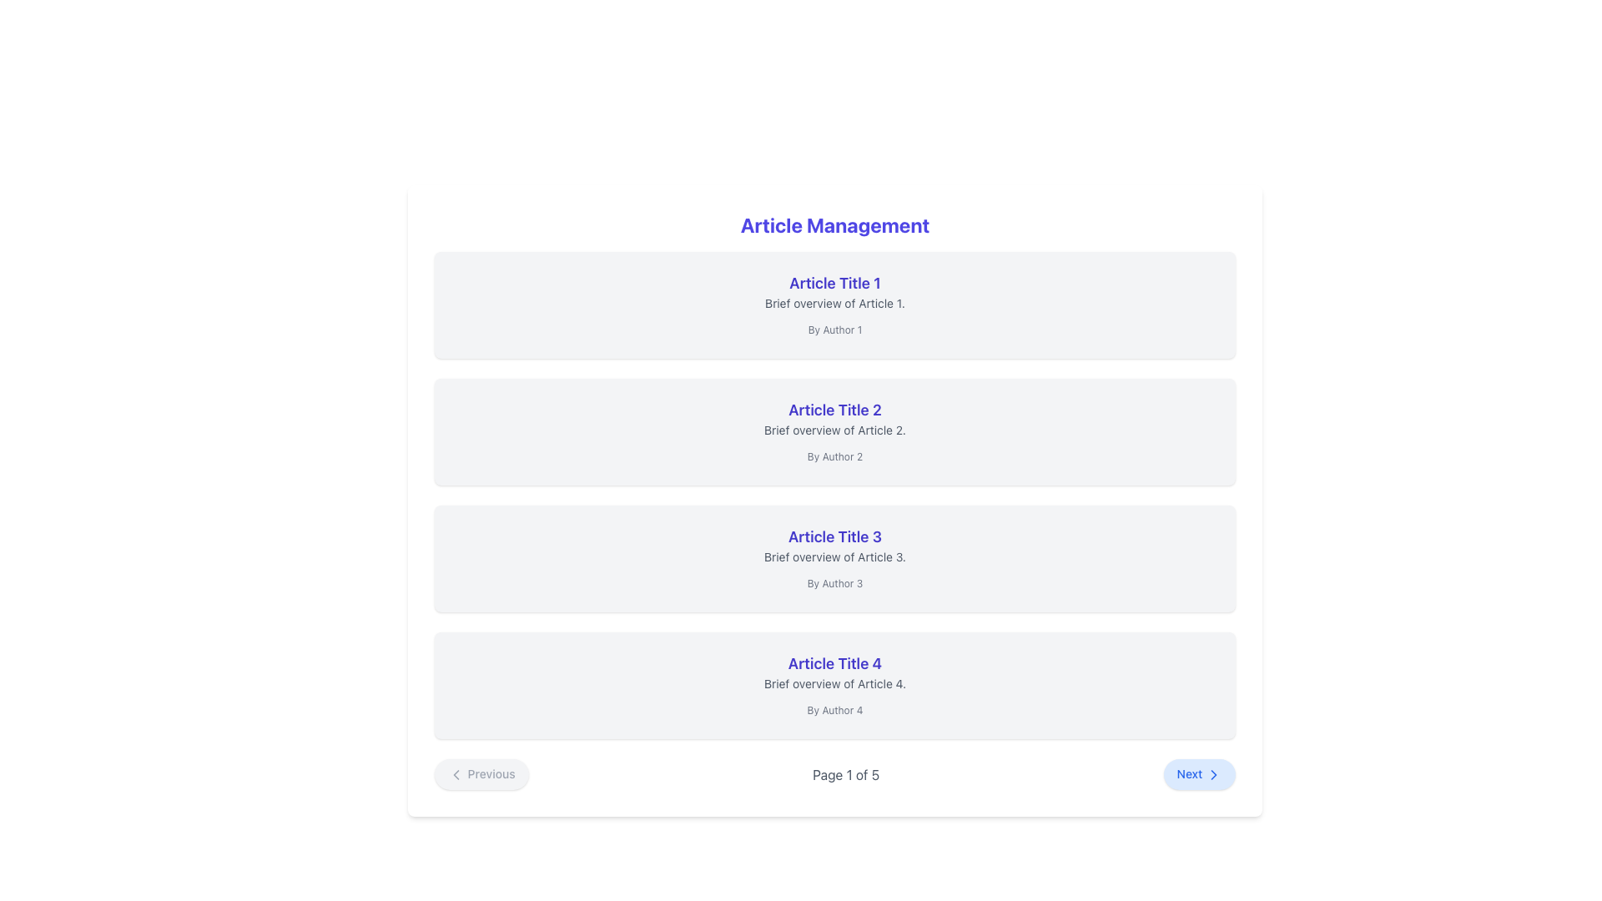 This screenshot has width=1602, height=901. I want to click on the text label displaying 'By Author 3', which is a small, light gray text located below the article title and overview in a card layout, so click(835, 581).